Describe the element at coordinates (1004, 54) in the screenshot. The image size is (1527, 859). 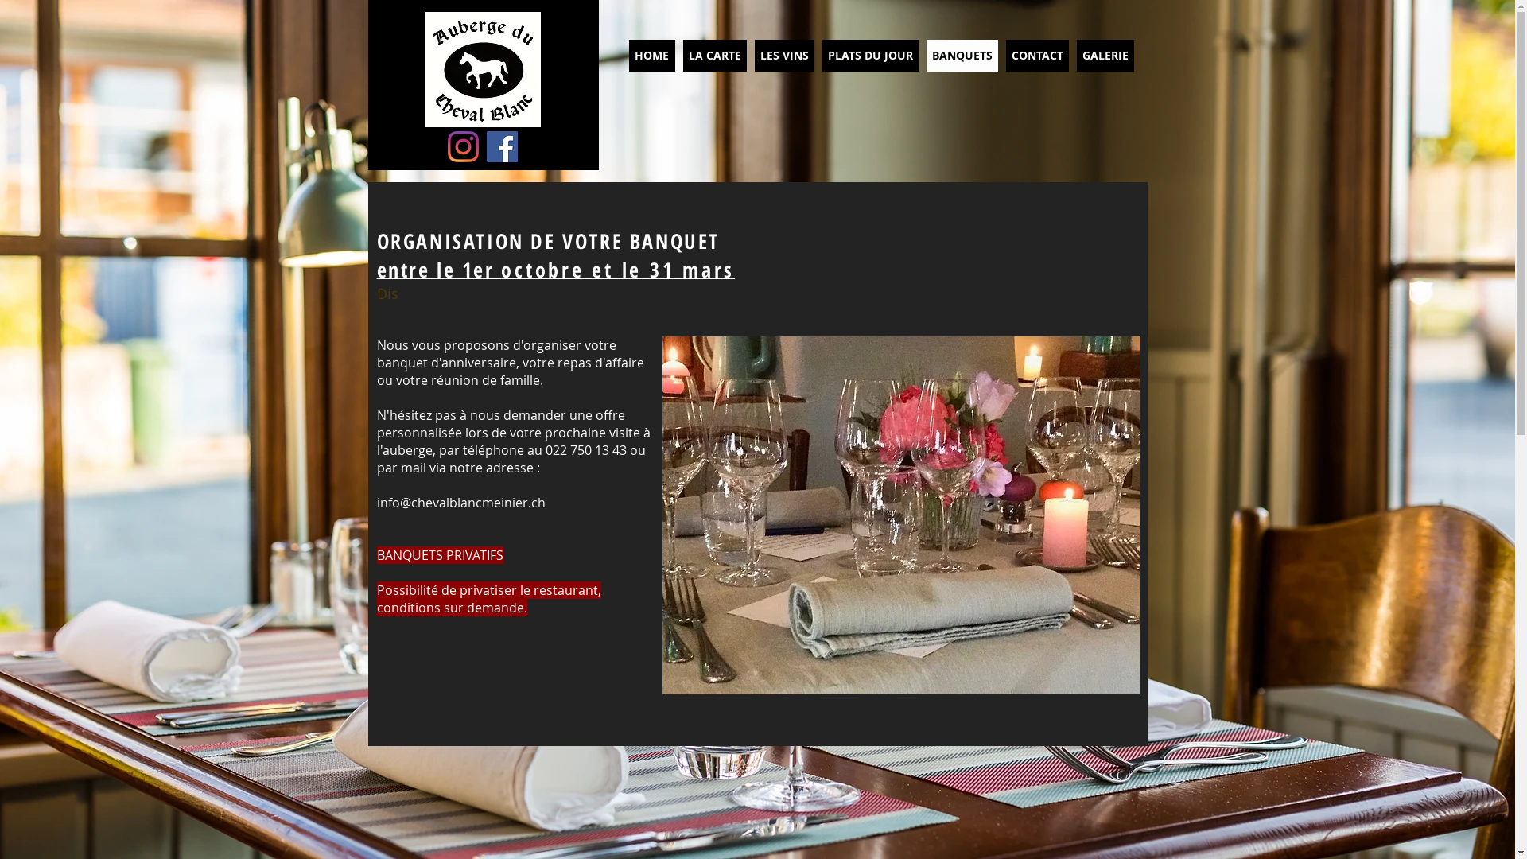
I see `'CONTACT'` at that location.